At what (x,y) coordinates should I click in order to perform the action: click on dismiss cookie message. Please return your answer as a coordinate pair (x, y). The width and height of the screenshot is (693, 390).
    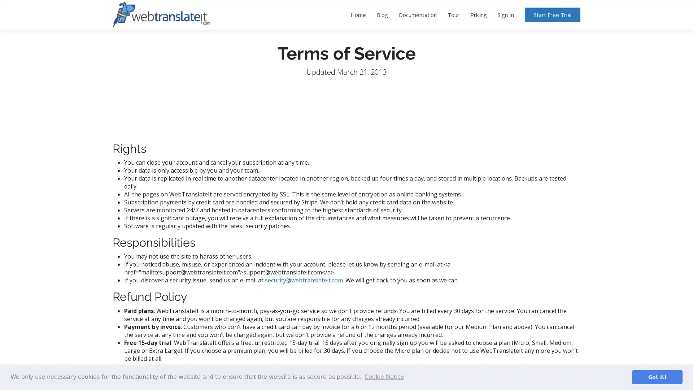
    Looking at the image, I should click on (657, 377).